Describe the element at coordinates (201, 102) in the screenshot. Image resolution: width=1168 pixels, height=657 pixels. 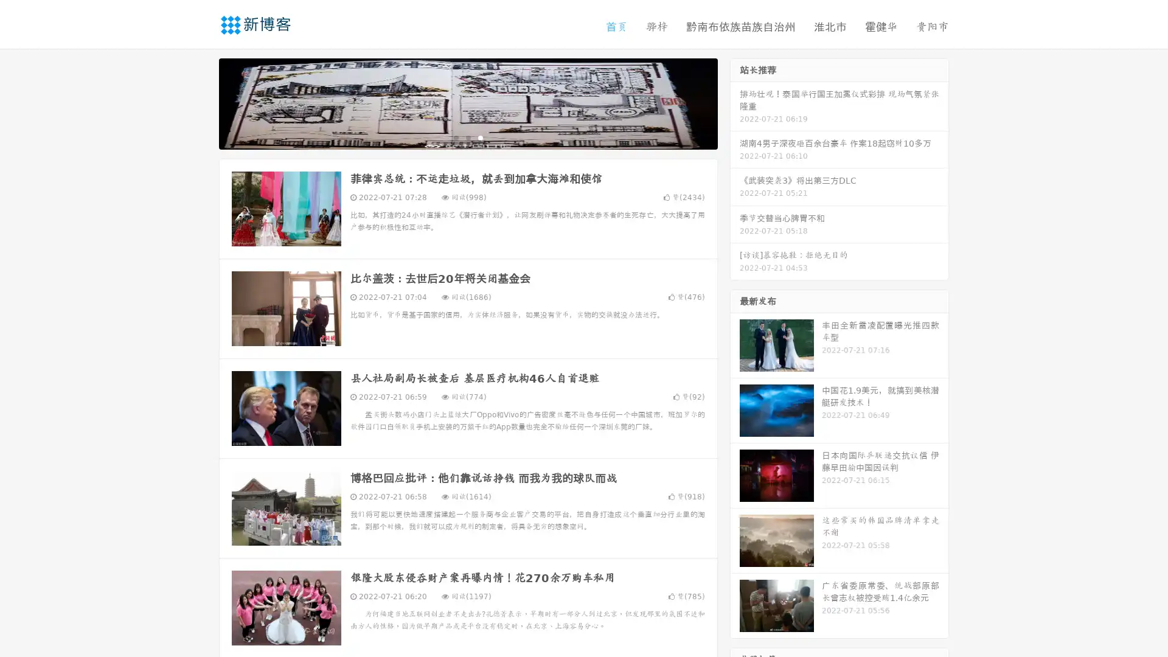
I see `Previous slide` at that location.